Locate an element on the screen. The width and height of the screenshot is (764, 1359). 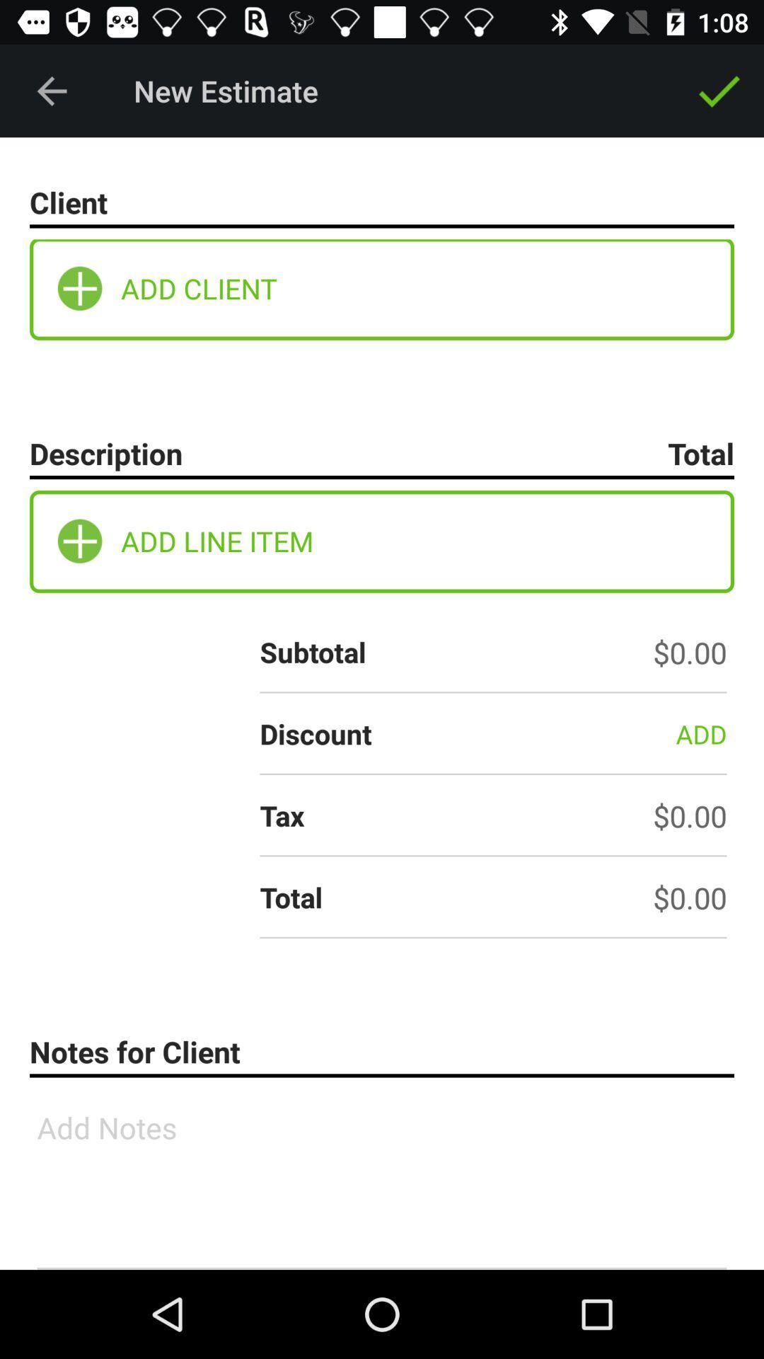
item next to new estimate item is located at coordinates (51, 90).